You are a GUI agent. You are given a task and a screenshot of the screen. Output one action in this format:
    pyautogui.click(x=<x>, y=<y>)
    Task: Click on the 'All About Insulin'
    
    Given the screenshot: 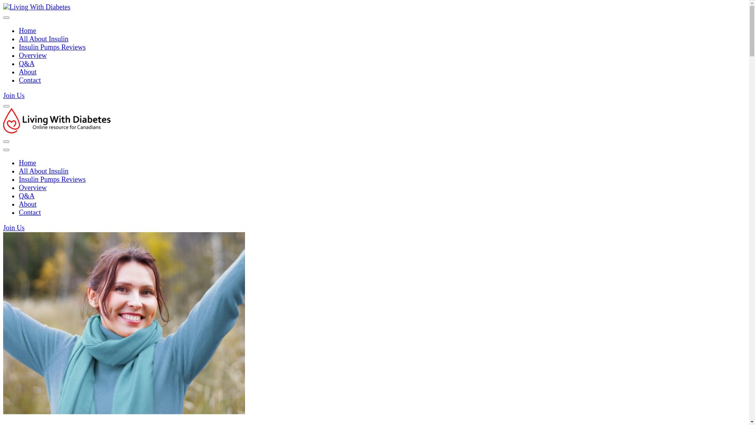 What is the action you would take?
    pyautogui.click(x=19, y=39)
    